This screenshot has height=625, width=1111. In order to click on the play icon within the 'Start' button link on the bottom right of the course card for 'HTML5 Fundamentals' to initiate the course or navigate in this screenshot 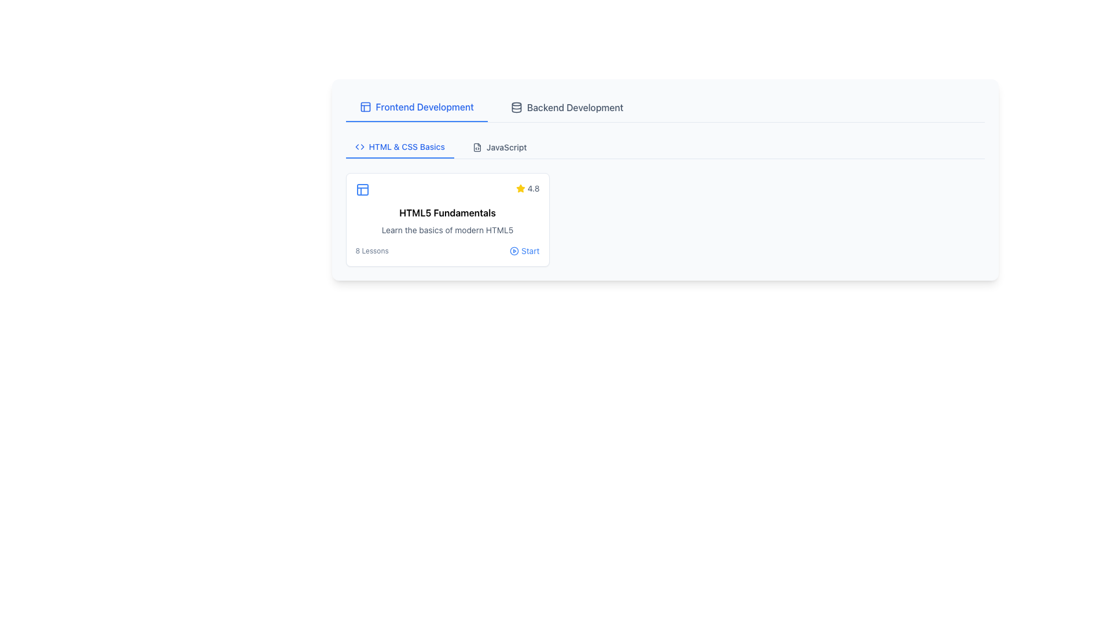, I will do `click(513, 251)`.